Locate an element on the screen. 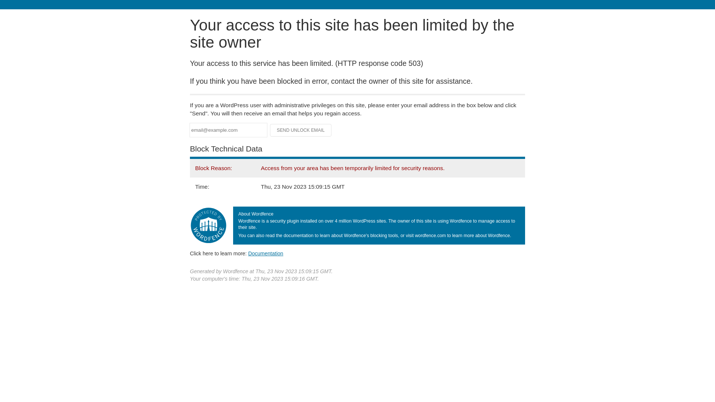 The height and width of the screenshot is (402, 715). 'Documentation' is located at coordinates (266, 253).